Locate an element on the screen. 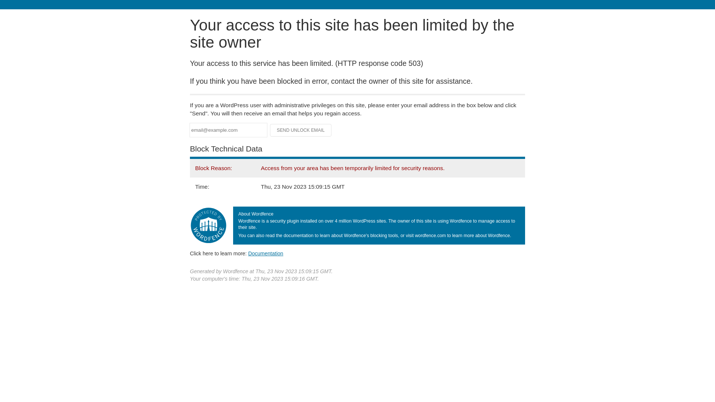 The height and width of the screenshot is (402, 715). 'Documentation' is located at coordinates (266, 253).